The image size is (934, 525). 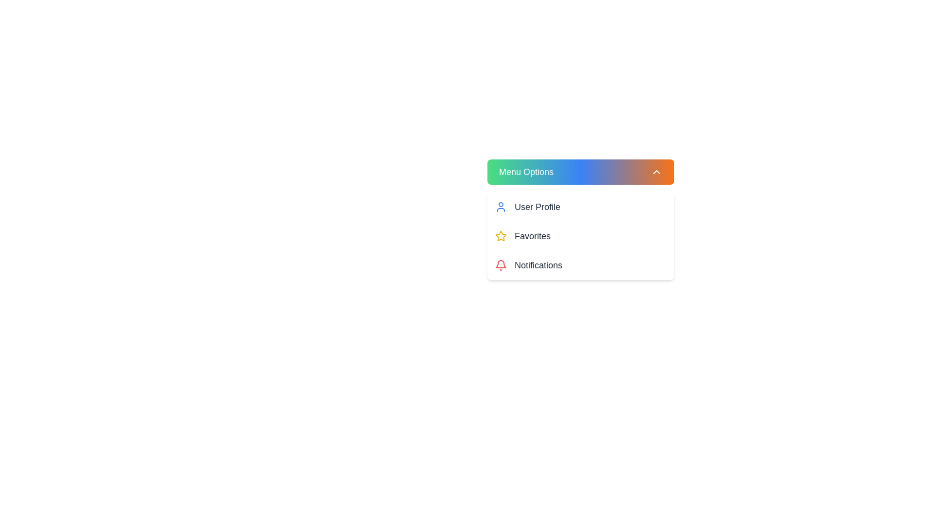 I want to click on the star icon located to the left of the text label 'Favorites', which signifies marked favorite items in the vertically stacked menu, so click(x=501, y=236).